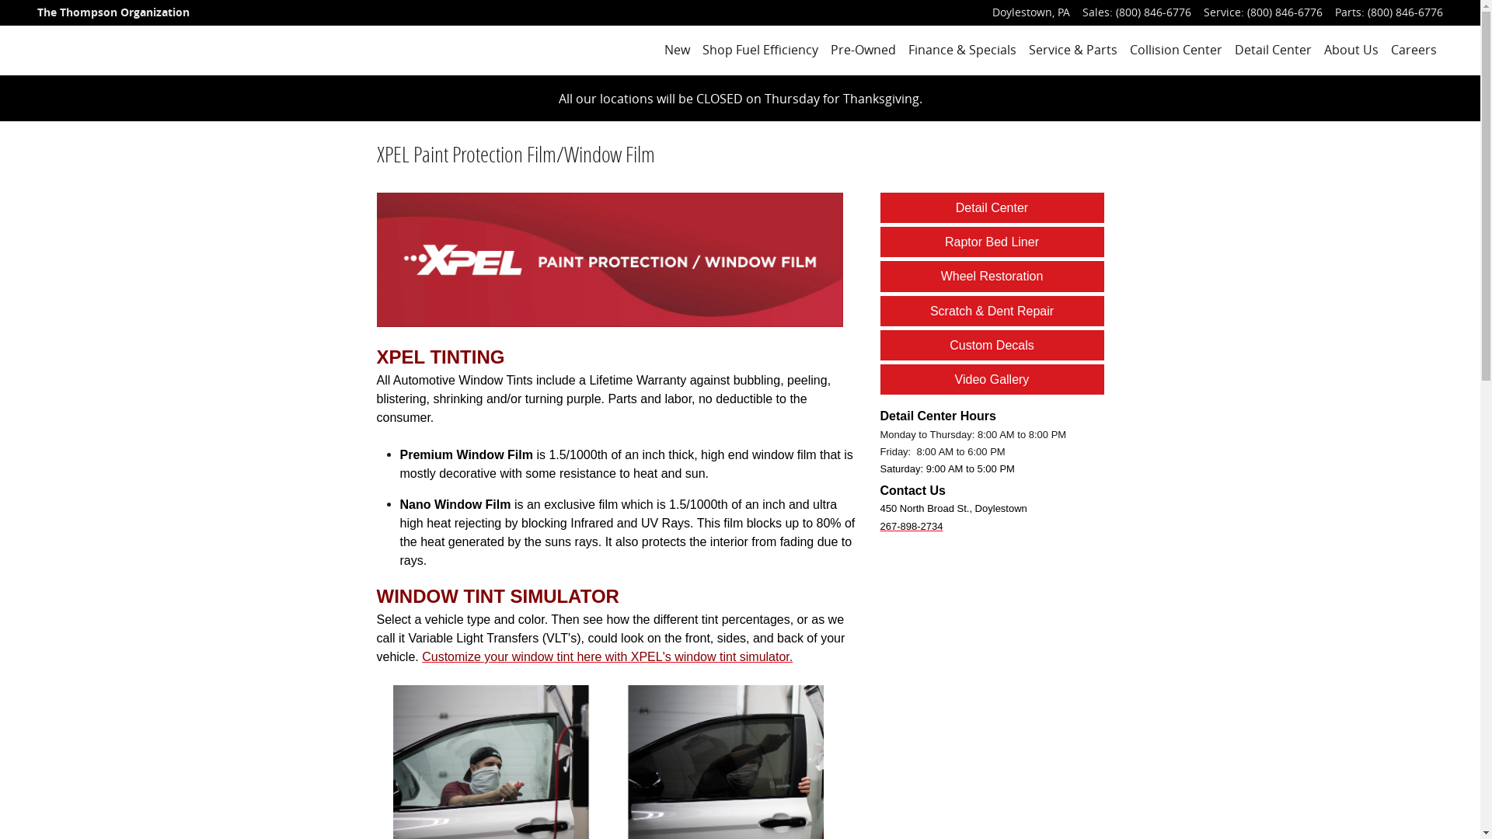  What do you see at coordinates (760, 50) in the screenshot?
I see `'Shop Fuel Efficiency'` at bounding box center [760, 50].